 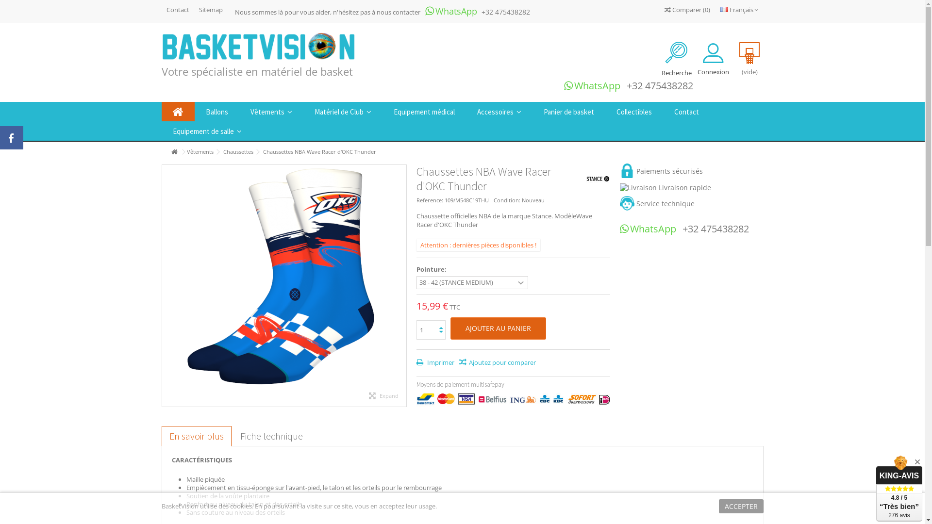 I want to click on 'AJOUTER AU PANIER', so click(x=449, y=328).